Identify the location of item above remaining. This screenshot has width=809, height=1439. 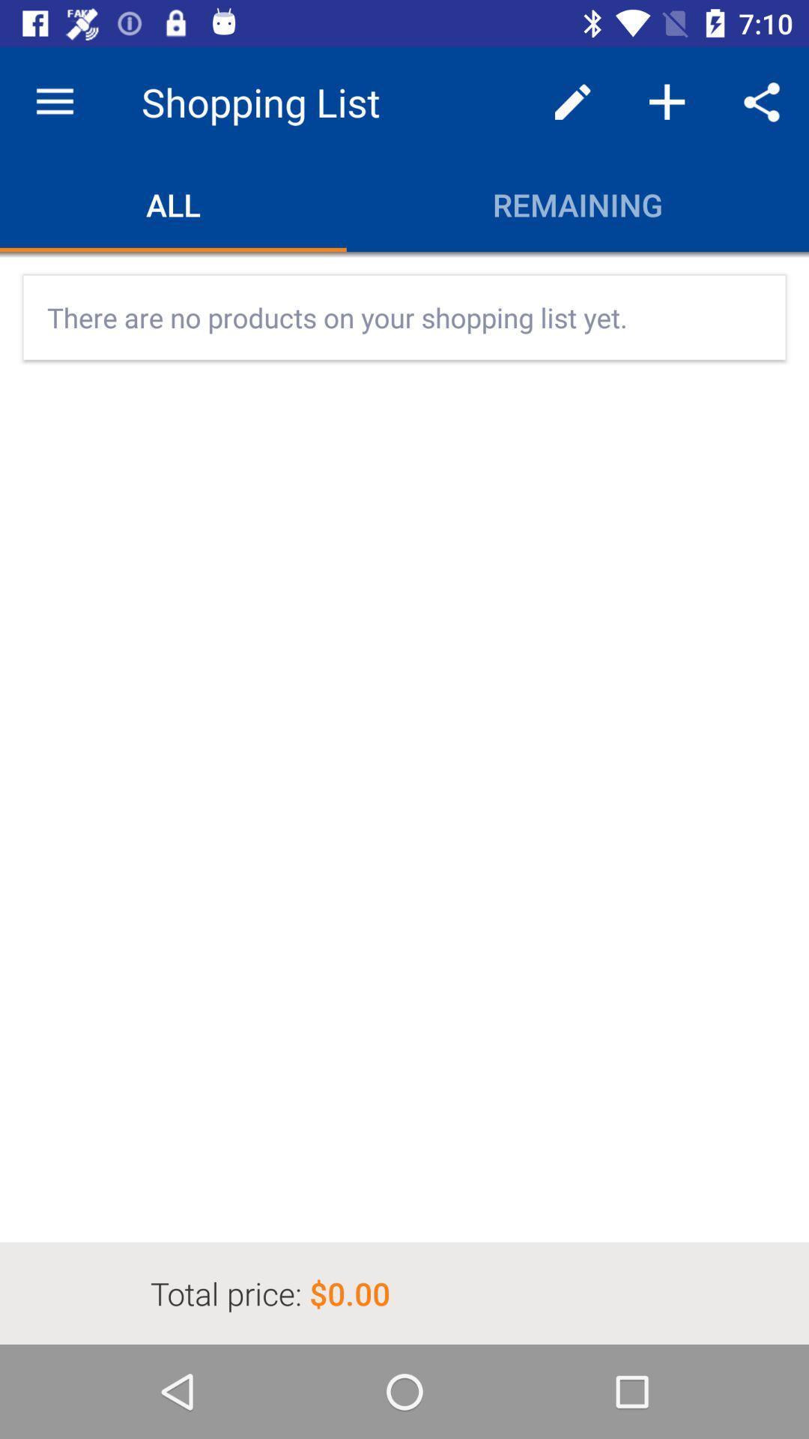
(667, 101).